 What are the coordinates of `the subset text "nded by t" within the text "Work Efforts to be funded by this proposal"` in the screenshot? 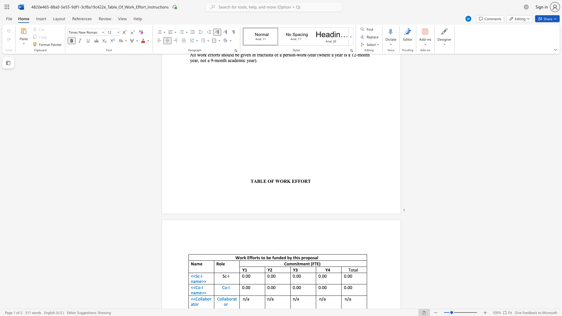 It's located at (276, 257).